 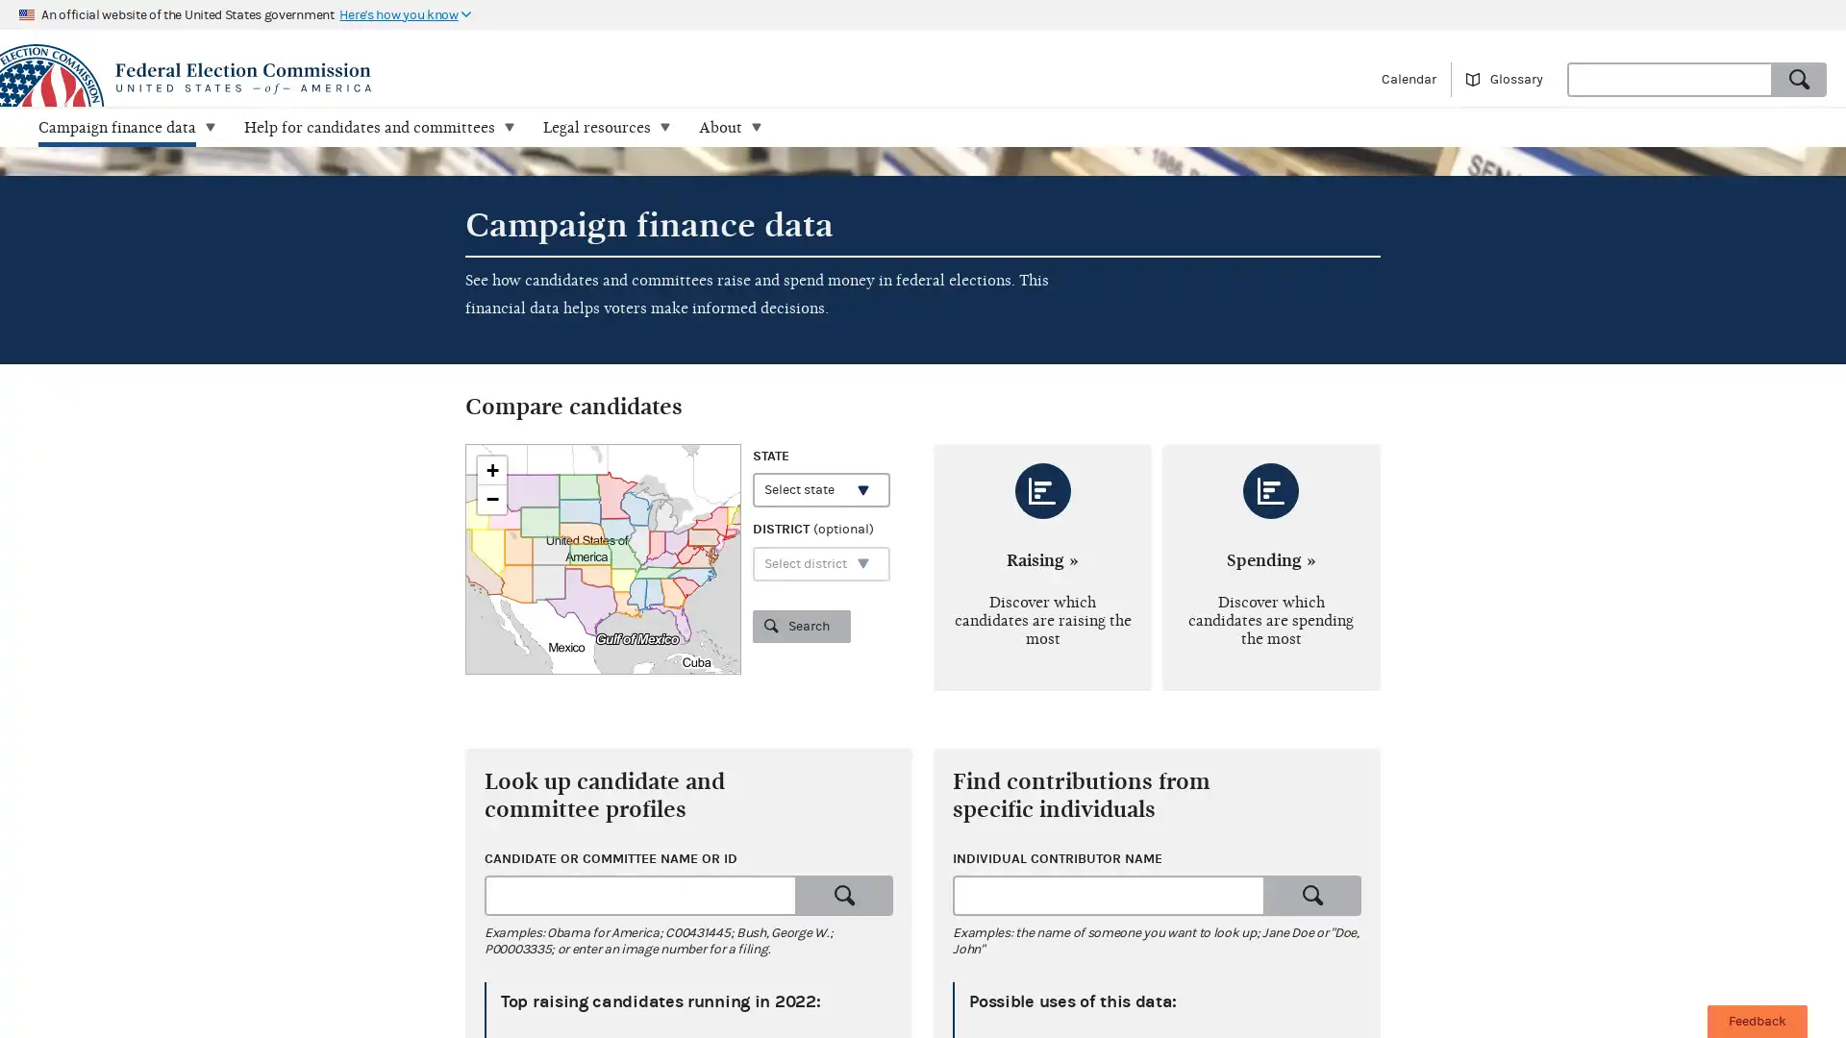 What do you see at coordinates (844, 896) in the screenshot?
I see `Search` at bounding box center [844, 896].